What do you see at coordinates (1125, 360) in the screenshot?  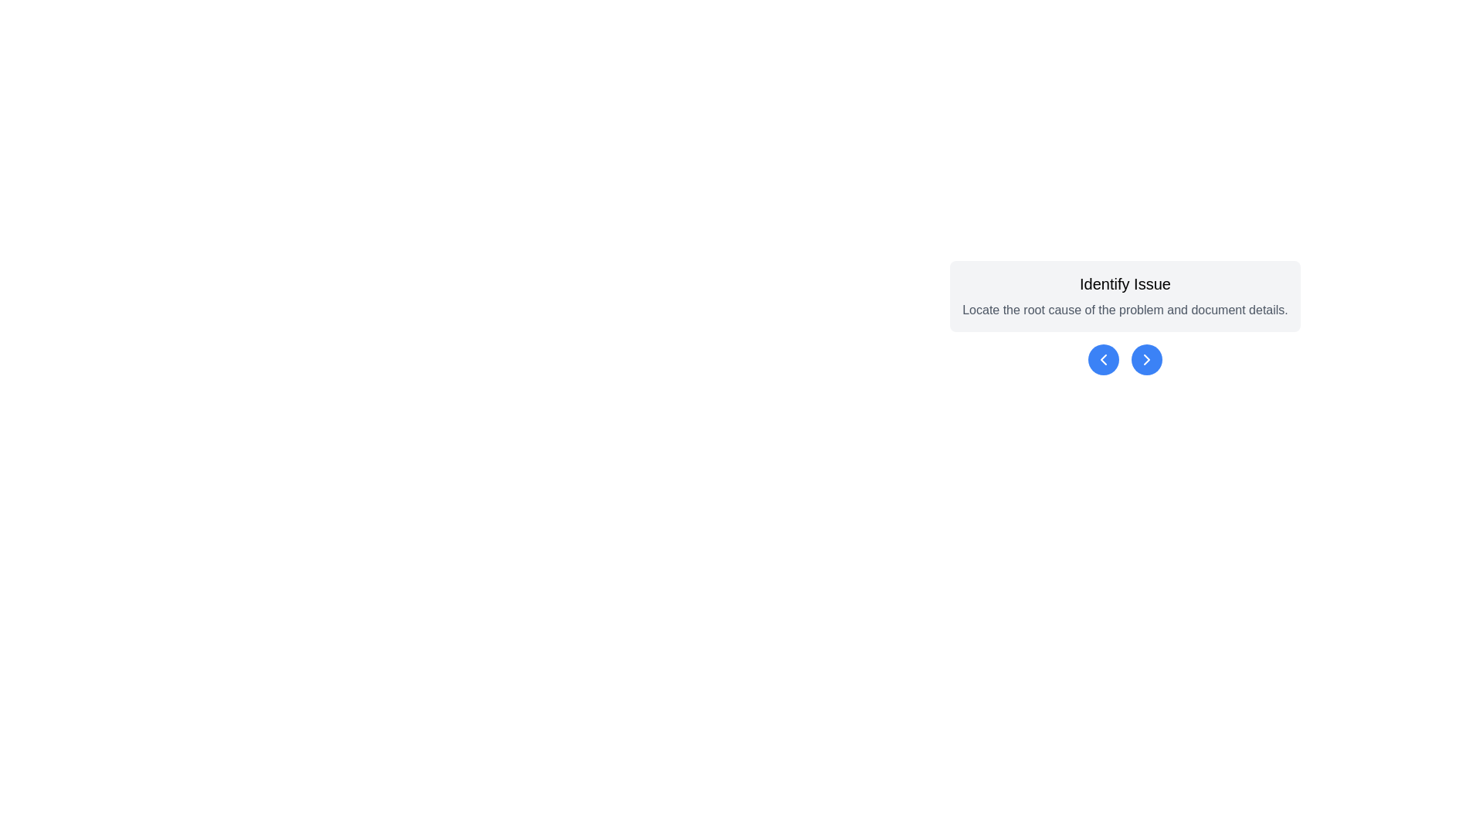 I see `the blue circular navigation buttons located below the 'Identify Issue' section` at bounding box center [1125, 360].